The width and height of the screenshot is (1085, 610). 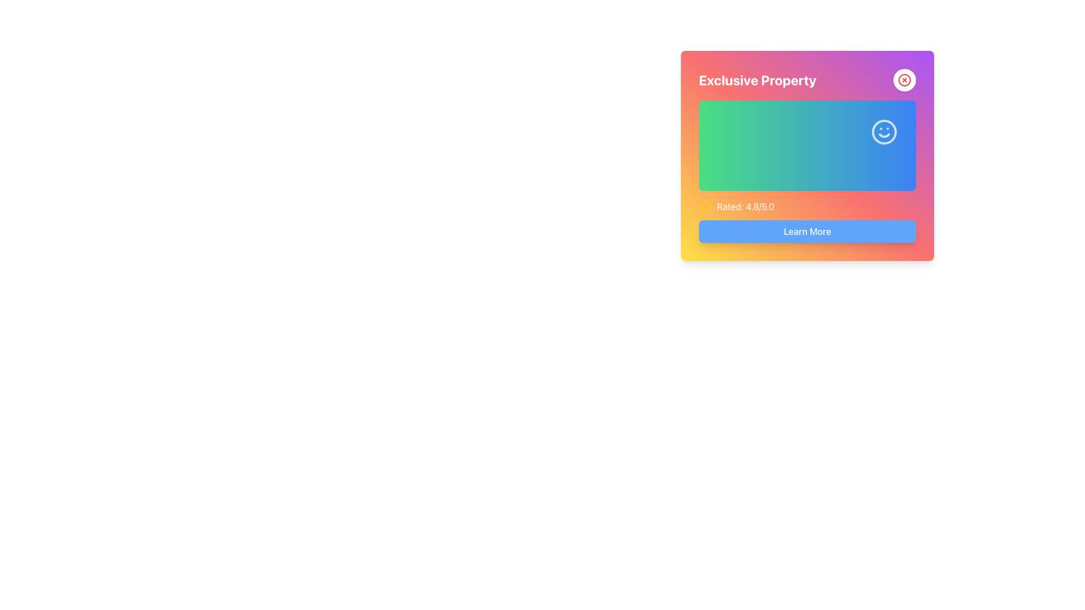 What do you see at coordinates (705, 207) in the screenshot?
I see `the yellow star icon located to the left of the text 'Rated: 4.8/5.0' in the rating banner` at bounding box center [705, 207].